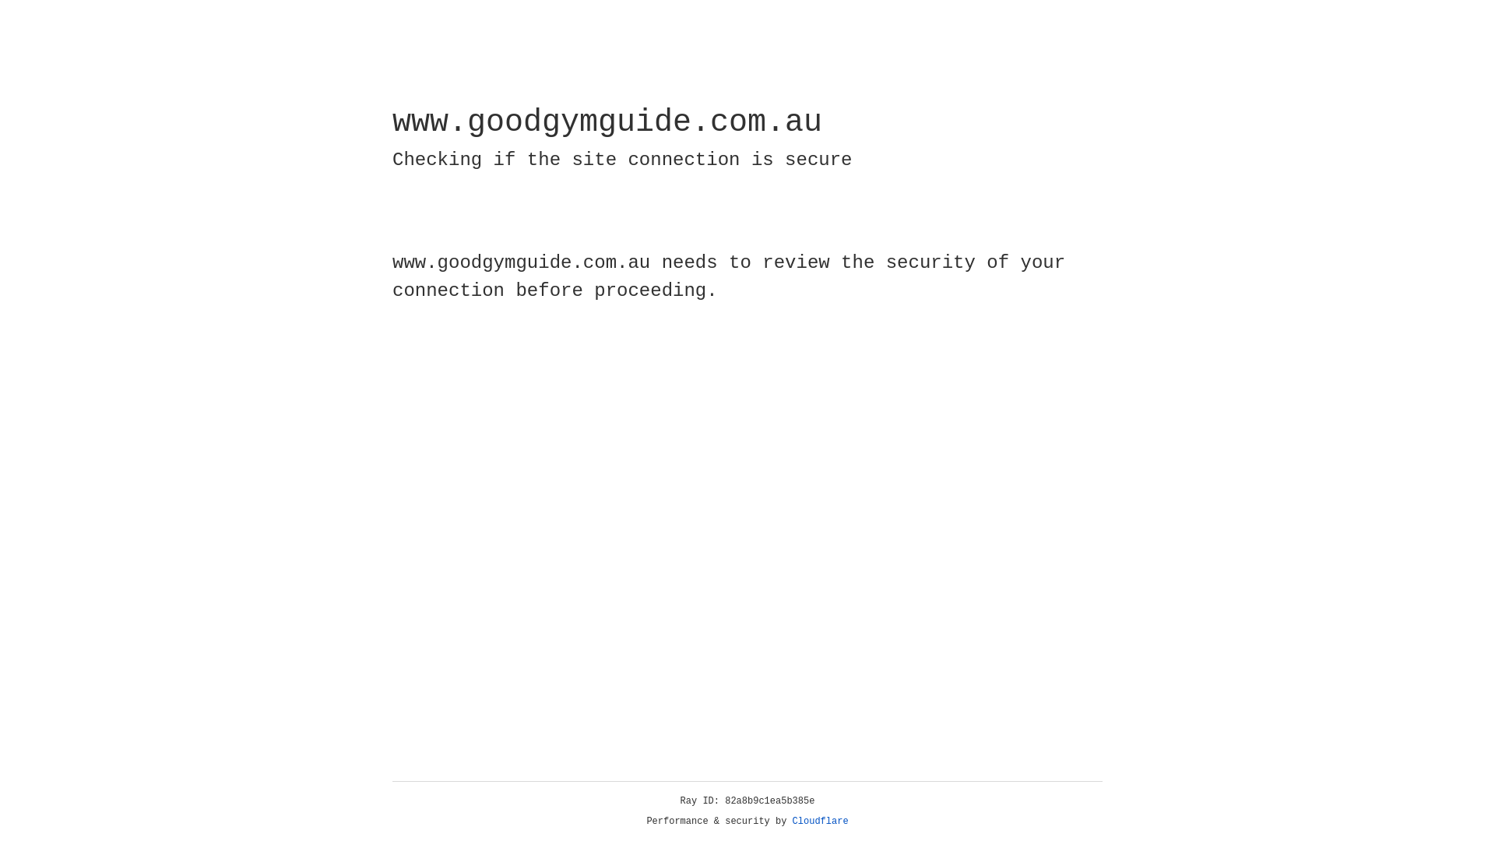 This screenshot has height=841, width=1495. Describe the element at coordinates (792, 821) in the screenshot. I see `'Cloudflare'` at that location.